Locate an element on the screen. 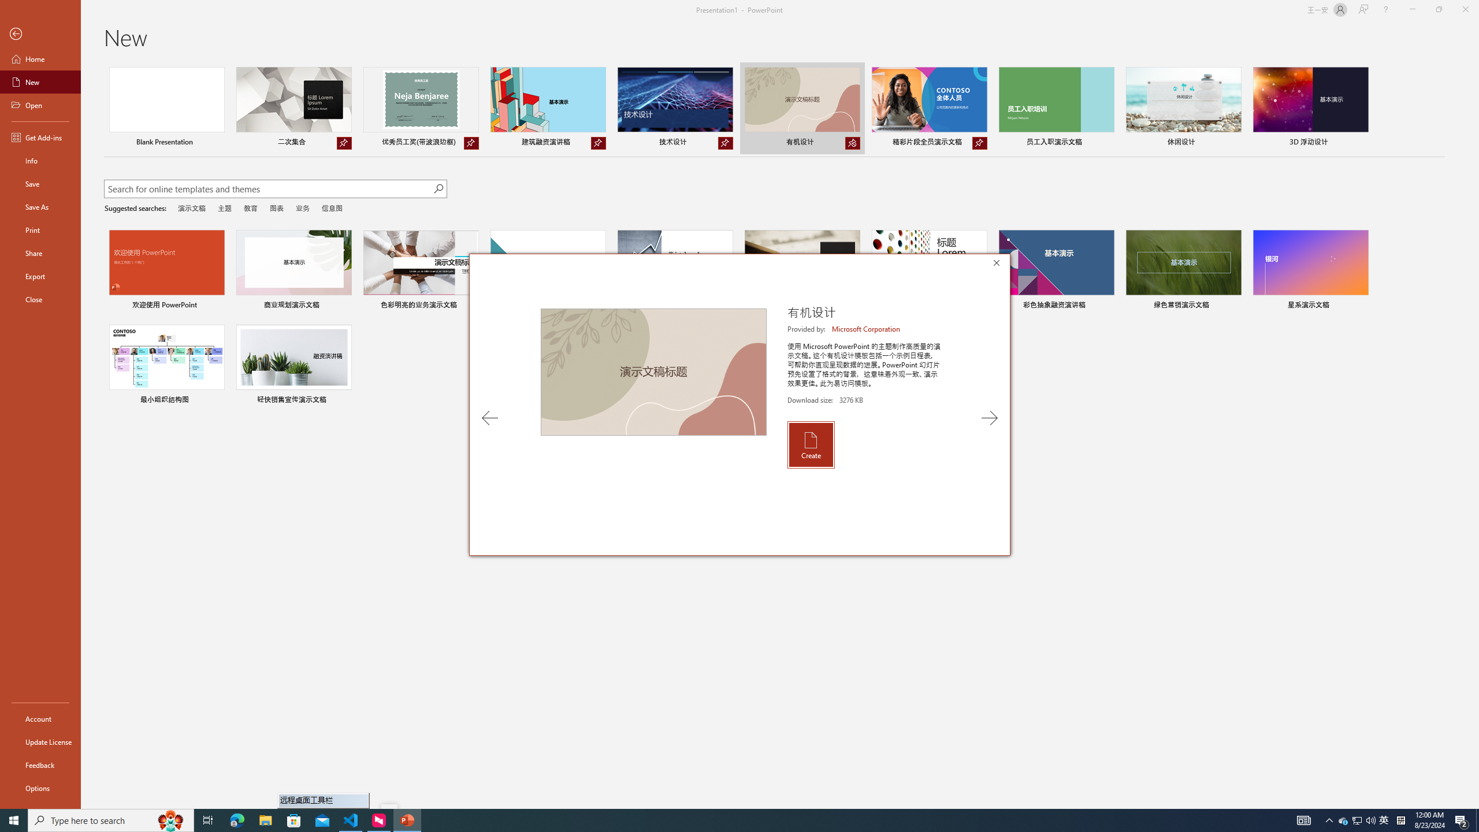  'Feedback' is located at coordinates (40, 765).